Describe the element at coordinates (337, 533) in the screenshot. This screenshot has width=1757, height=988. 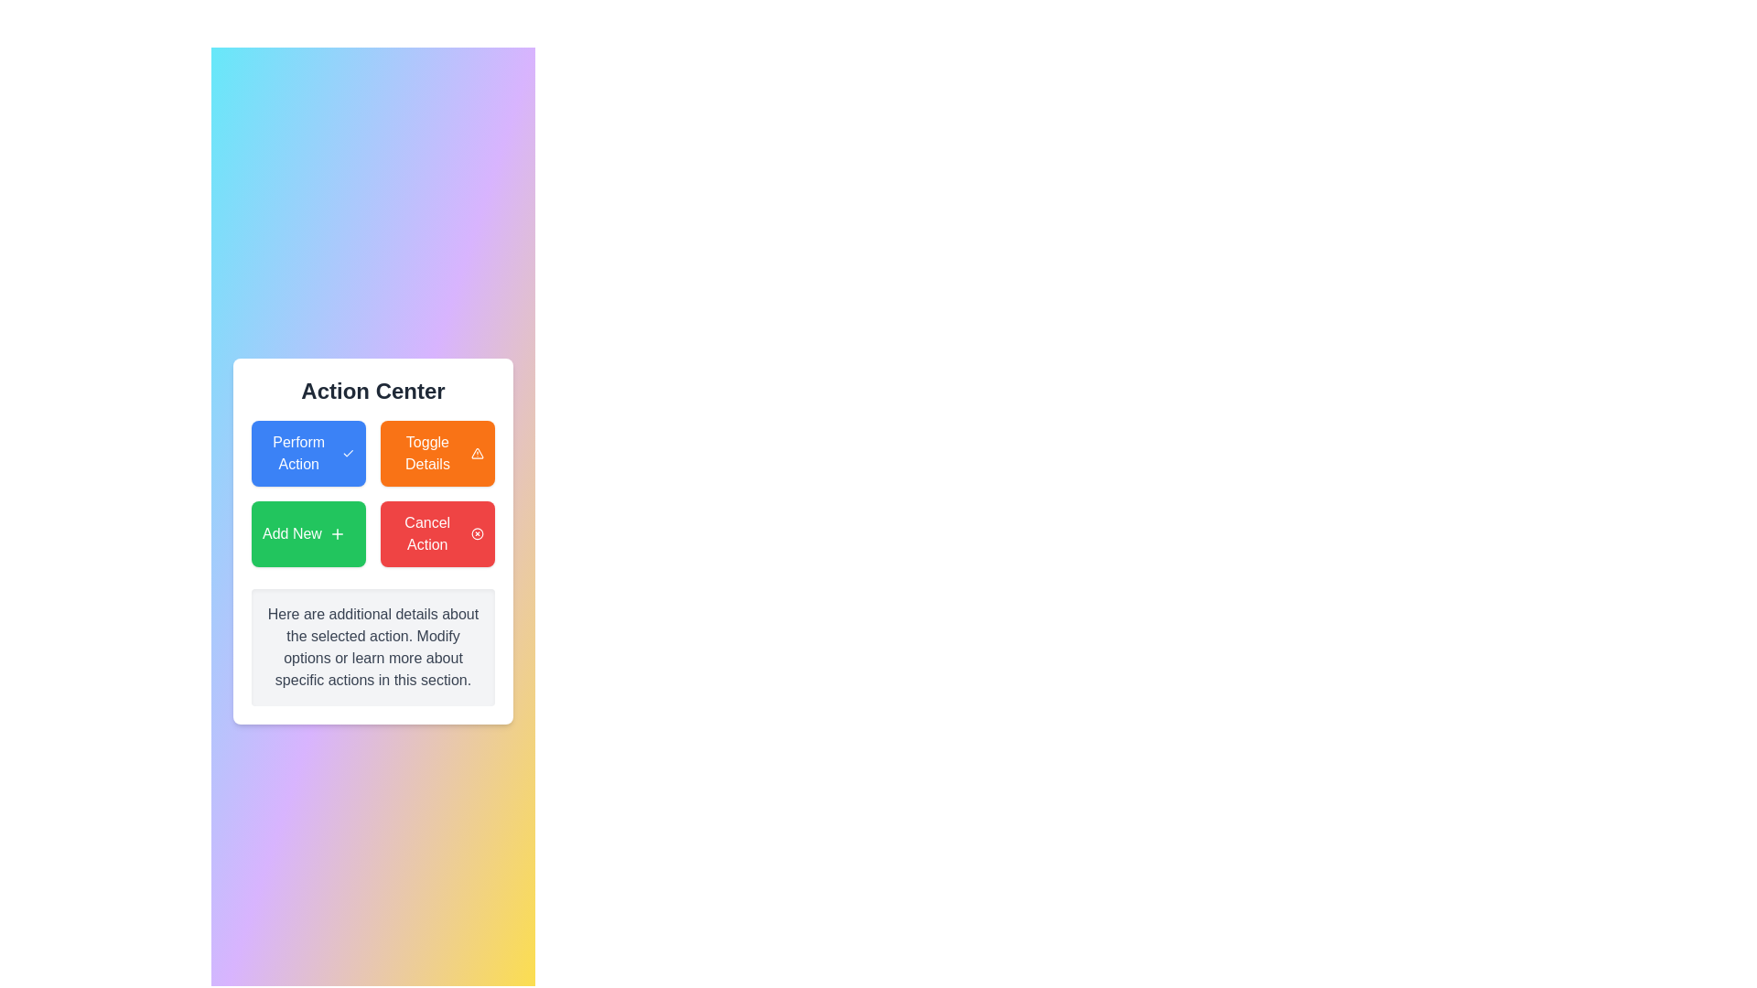
I see `the add operation icon located within the 'Add New' button at the lower-left position in the button grid` at that location.